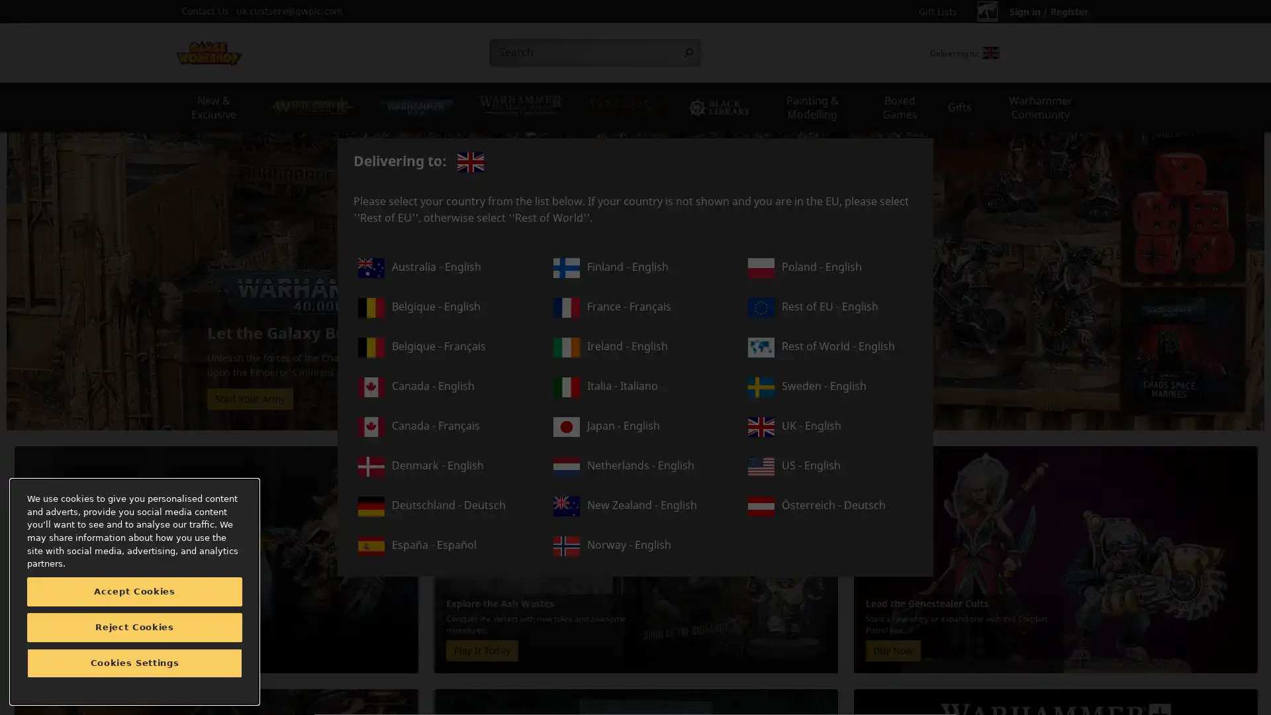  Describe the element at coordinates (688, 52) in the screenshot. I see `Search` at that location.